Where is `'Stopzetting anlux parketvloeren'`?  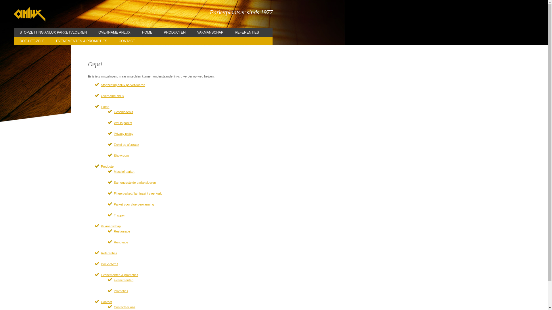 'Stopzetting anlux parketvloeren' is located at coordinates (122, 85).